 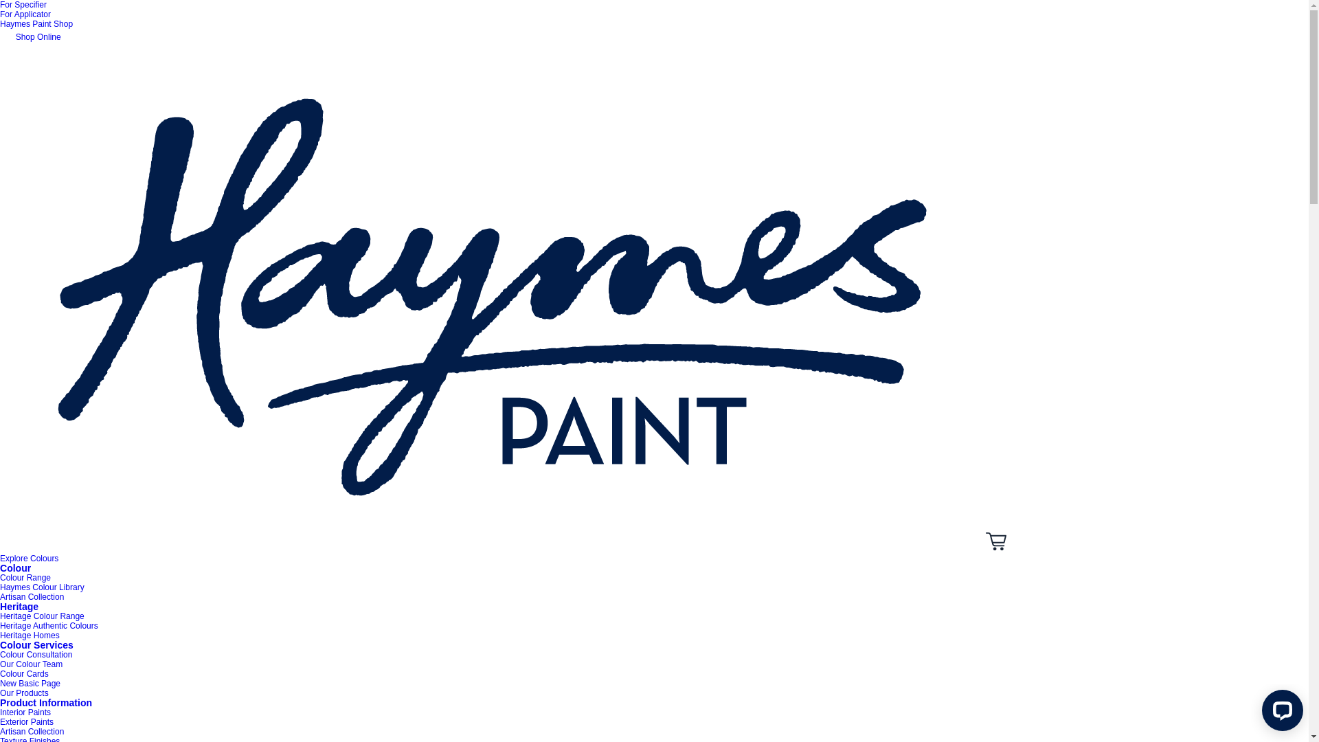 I want to click on 'Colour Services', so click(x=36, y=644).